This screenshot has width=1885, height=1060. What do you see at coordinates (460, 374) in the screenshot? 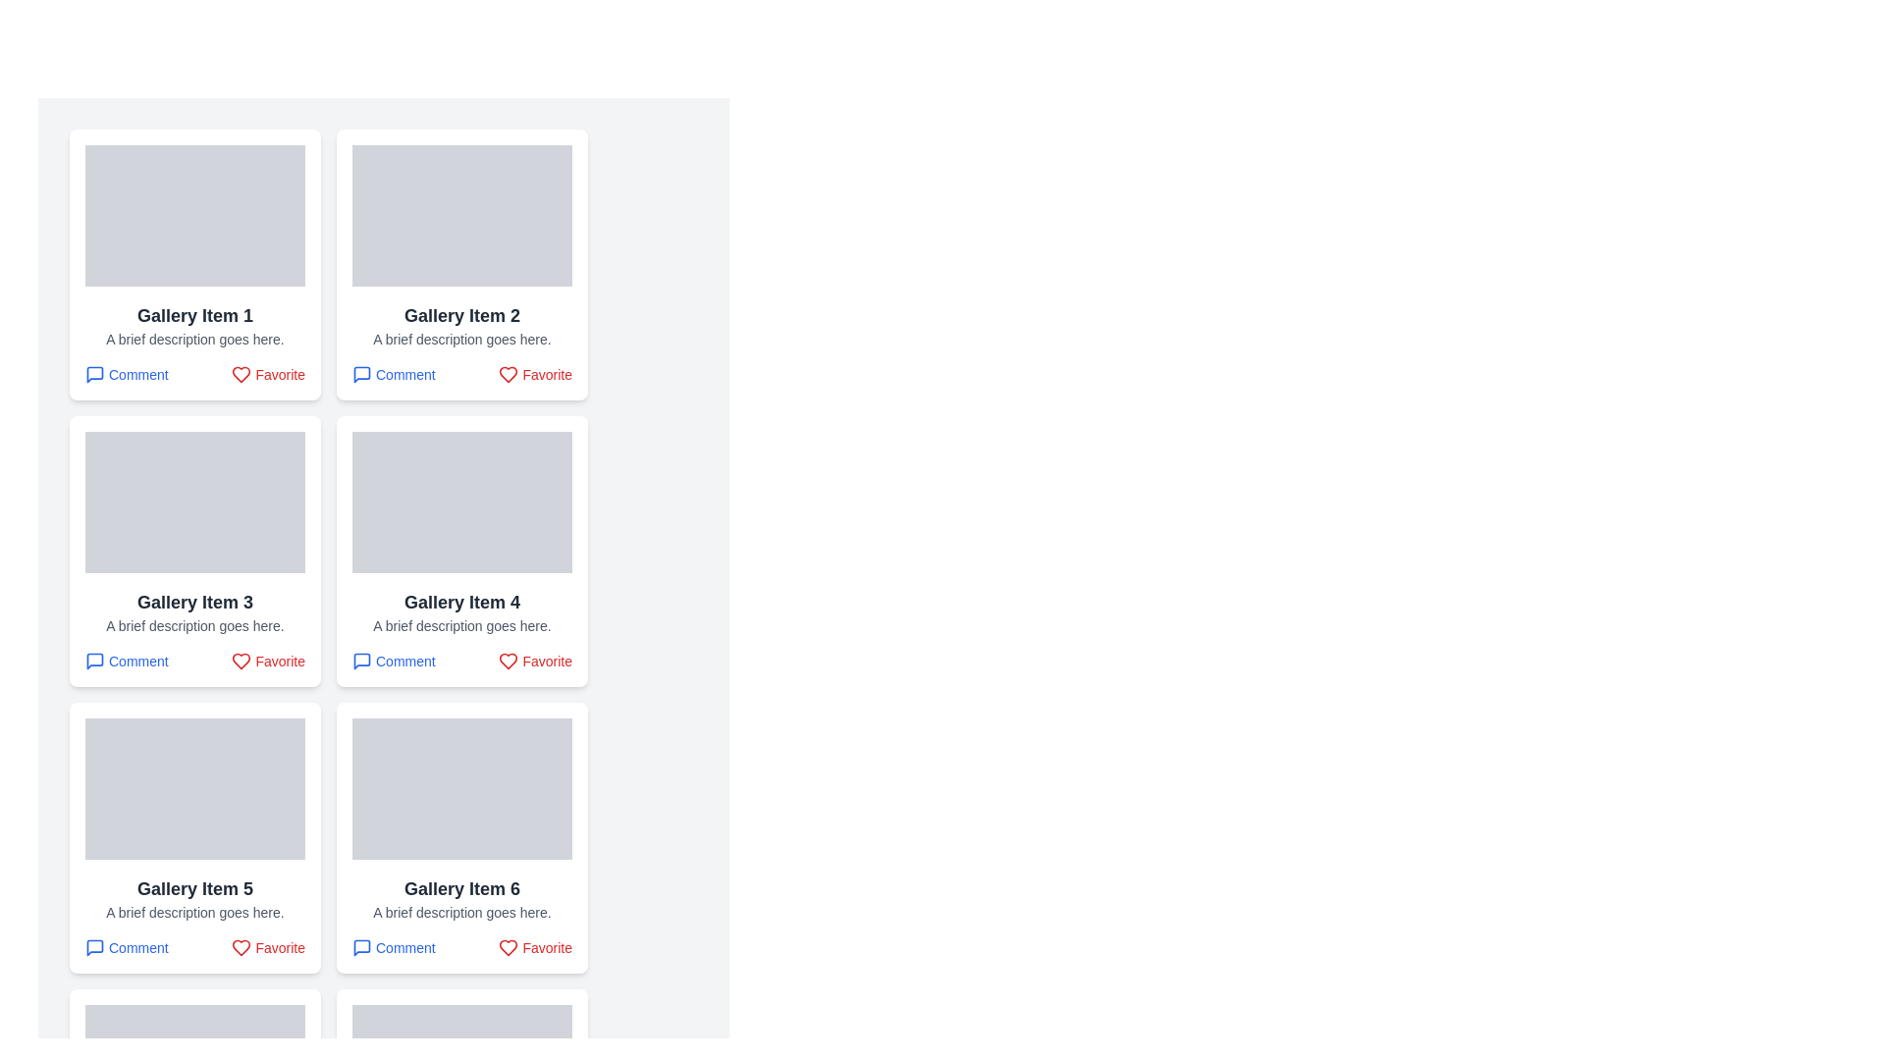
I see `the 'Comment' link within the 'Gallery Item 2' card` at bounding box center [460, 374].